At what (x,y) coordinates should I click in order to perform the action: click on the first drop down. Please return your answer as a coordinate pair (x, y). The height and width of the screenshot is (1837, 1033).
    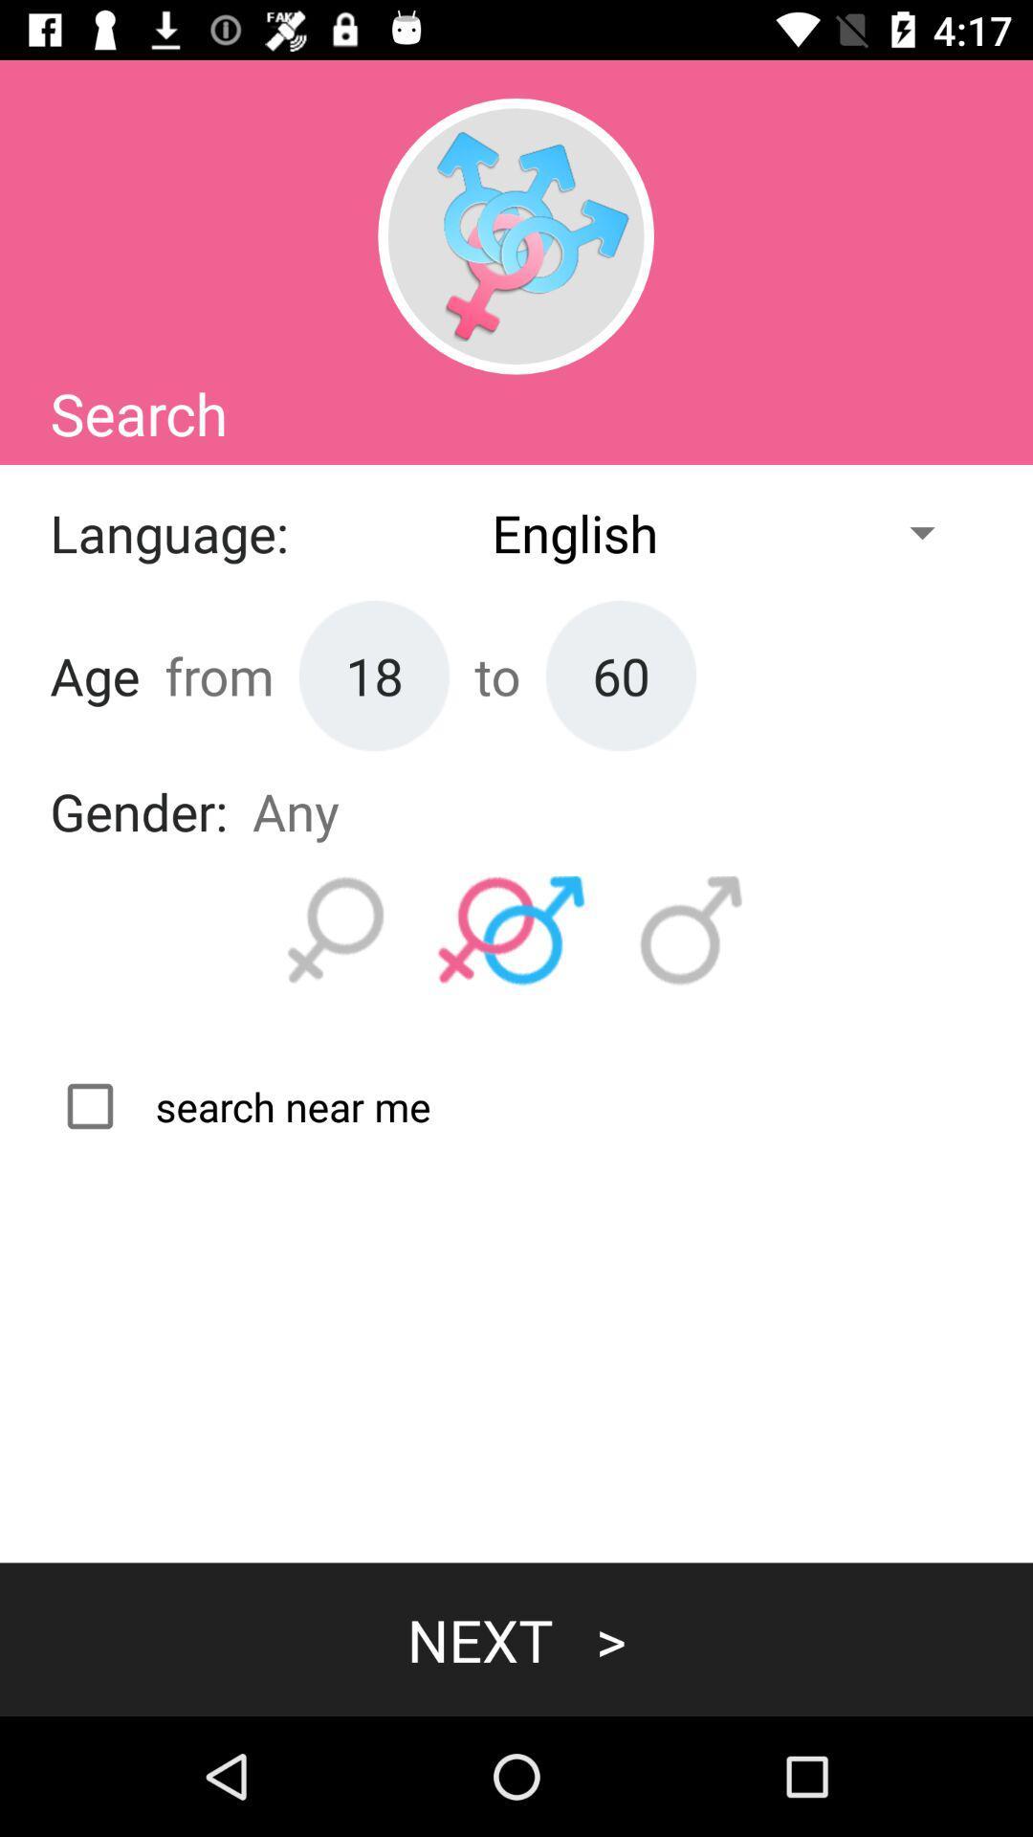
    Looking at the image, I should click on (635, 532).